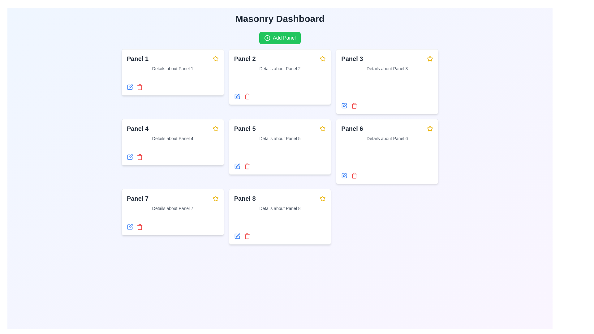  Describe the element at coordinates (247, 96) in the screenshot. I see `the delete icon located in 'Panel 2'` at that location.